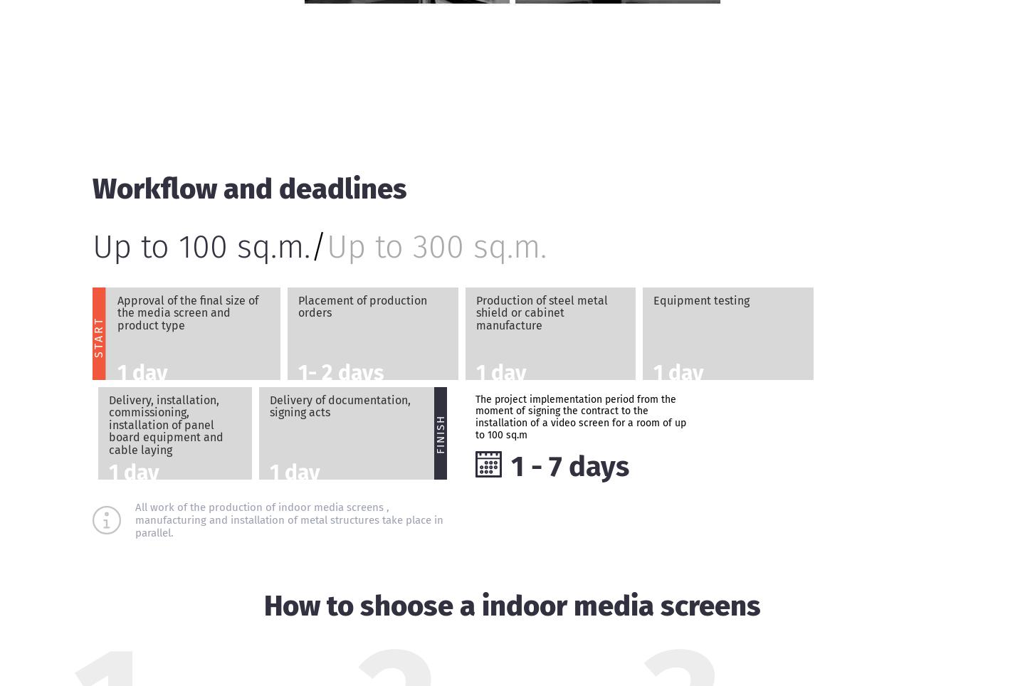 The image size is (1025, 686). I want to click on 'How to shoose a indoor media screens', so click(263, 606).